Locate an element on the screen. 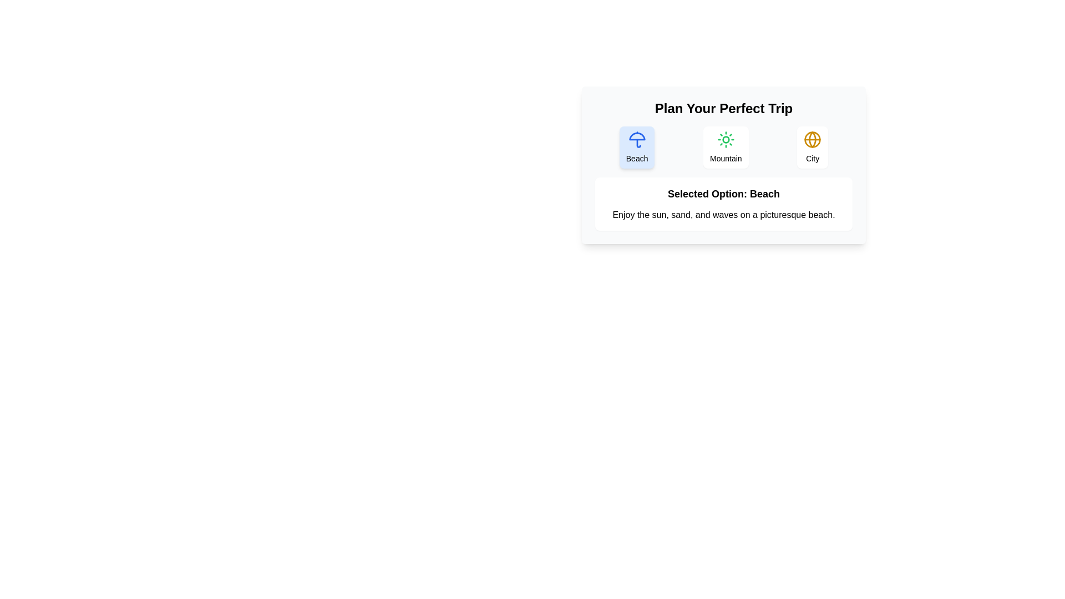 Image resolution: width=1065 pixels, height=599 pixels. the bright yellow globe icon representing the 'City' option, which is located at the rightmost side of the horizontal arrangement of options is located at coordinates (813, 139).